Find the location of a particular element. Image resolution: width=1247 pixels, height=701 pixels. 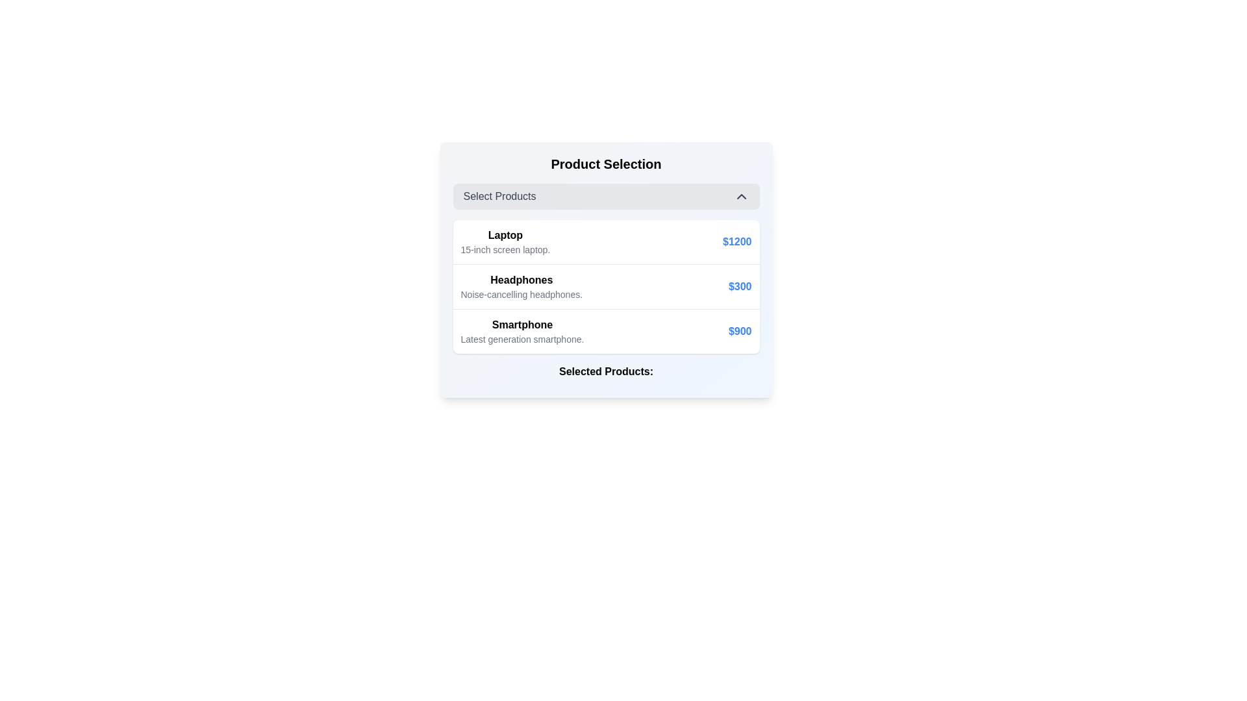

the header text indicating the purpose of the product selection section, located prominently at the top of the 'Product Selection' card layout is located at coordinates (605, 164).